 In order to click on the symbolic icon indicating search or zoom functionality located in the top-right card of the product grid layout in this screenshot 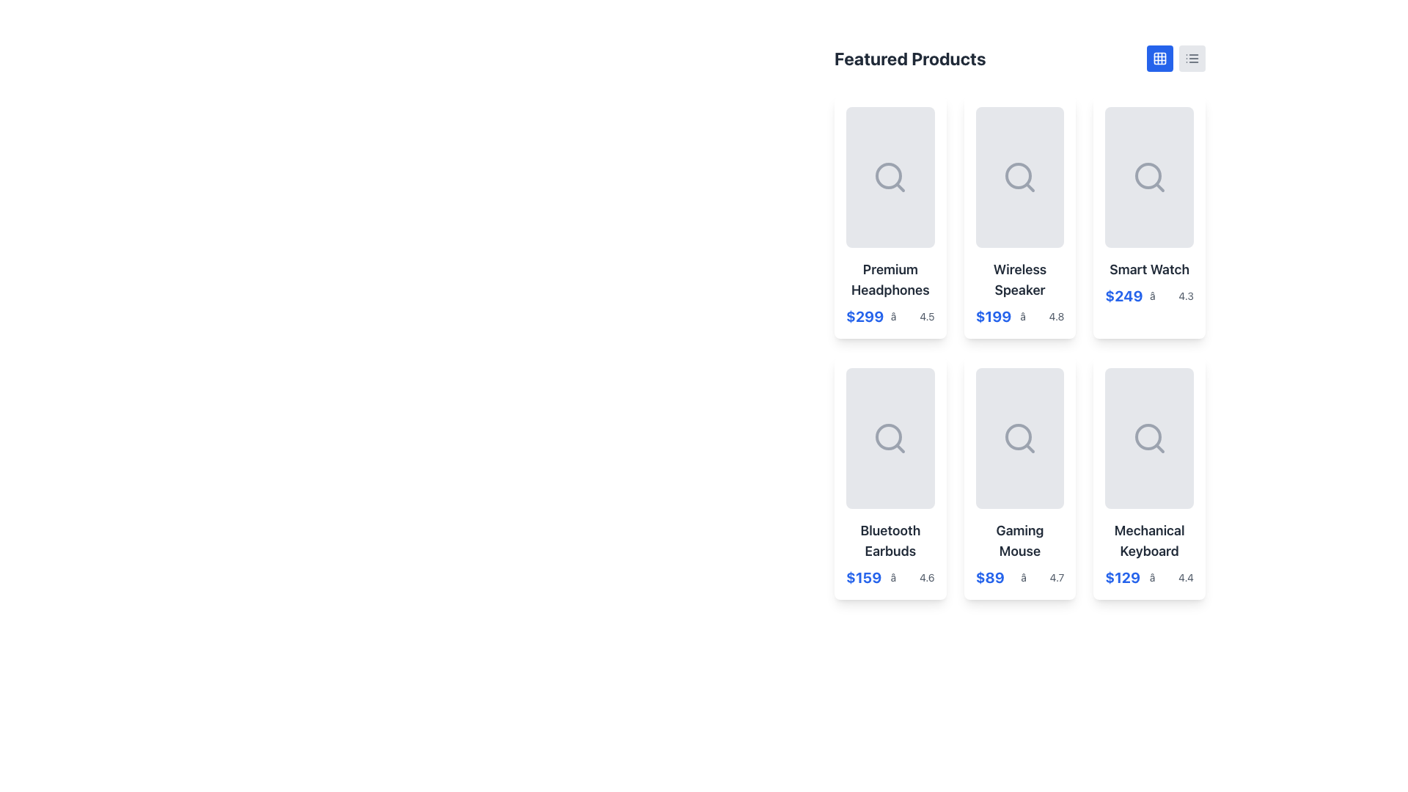, I will do `click(1148, 177)`.